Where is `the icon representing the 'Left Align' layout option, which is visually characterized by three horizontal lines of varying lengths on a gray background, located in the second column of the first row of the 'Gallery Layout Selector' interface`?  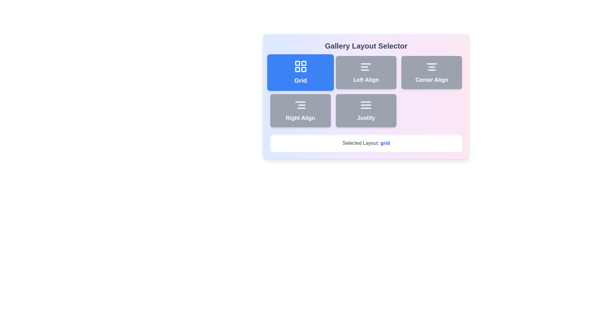
the icon representing the 'Left Align' layout option, which is visually characterized by three horizontal lines of varying lengths on a gray background, located in the second column of the first row of the 'Gallery Layout Selector' interface is located at coordinates (366, 67).